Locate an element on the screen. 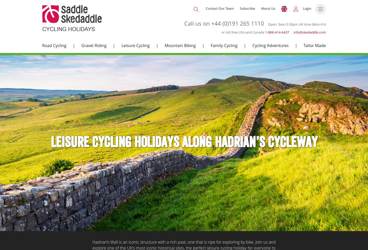 The width and height of the screenshot is (368, 250). 'Family Cycling' is located at coordinates (224, 45).